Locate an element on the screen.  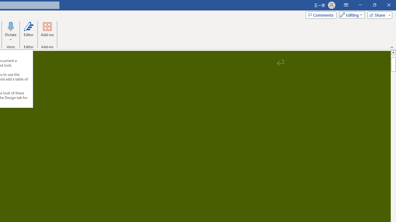
'Close' is located at coordinates (388, 5).